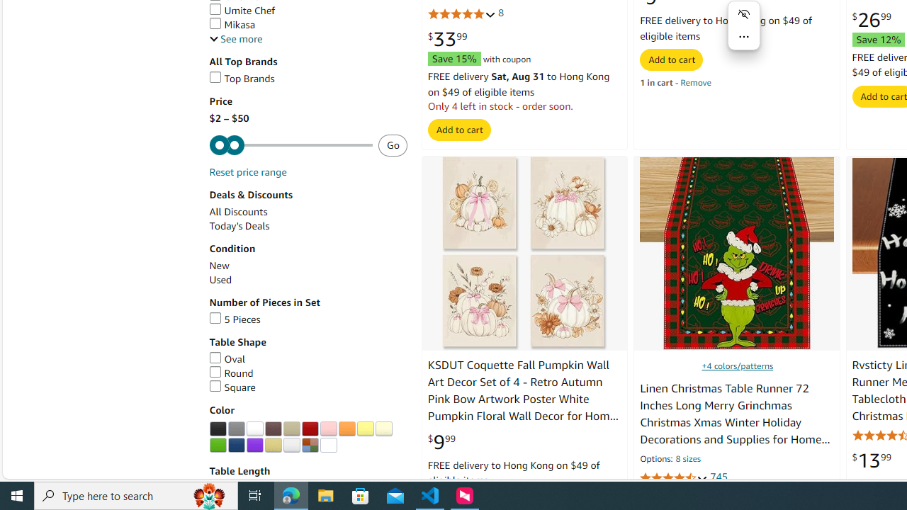 This screenshot has height=510, width=907. What do you see at coordinates (871, 460) in the screenshot?
I see `'$13.99'` at bounding box center [871, 460].